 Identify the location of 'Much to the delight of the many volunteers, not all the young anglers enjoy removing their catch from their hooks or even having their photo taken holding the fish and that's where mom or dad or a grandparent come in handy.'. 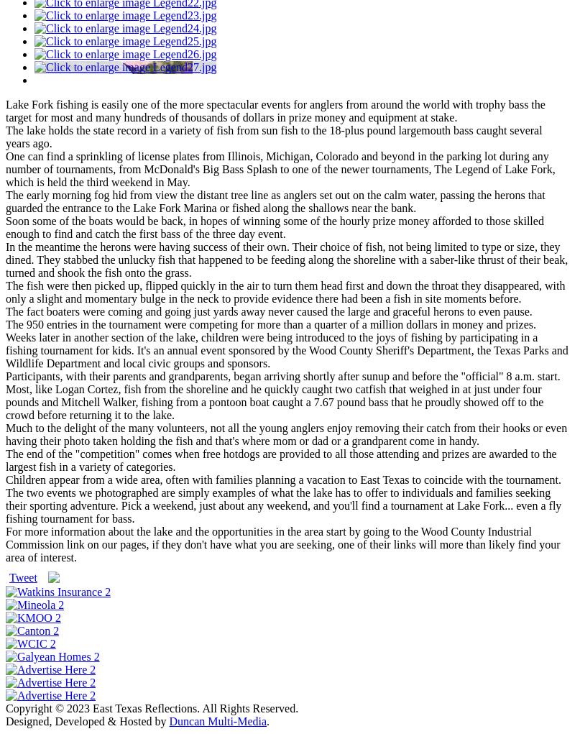
(286, 433).